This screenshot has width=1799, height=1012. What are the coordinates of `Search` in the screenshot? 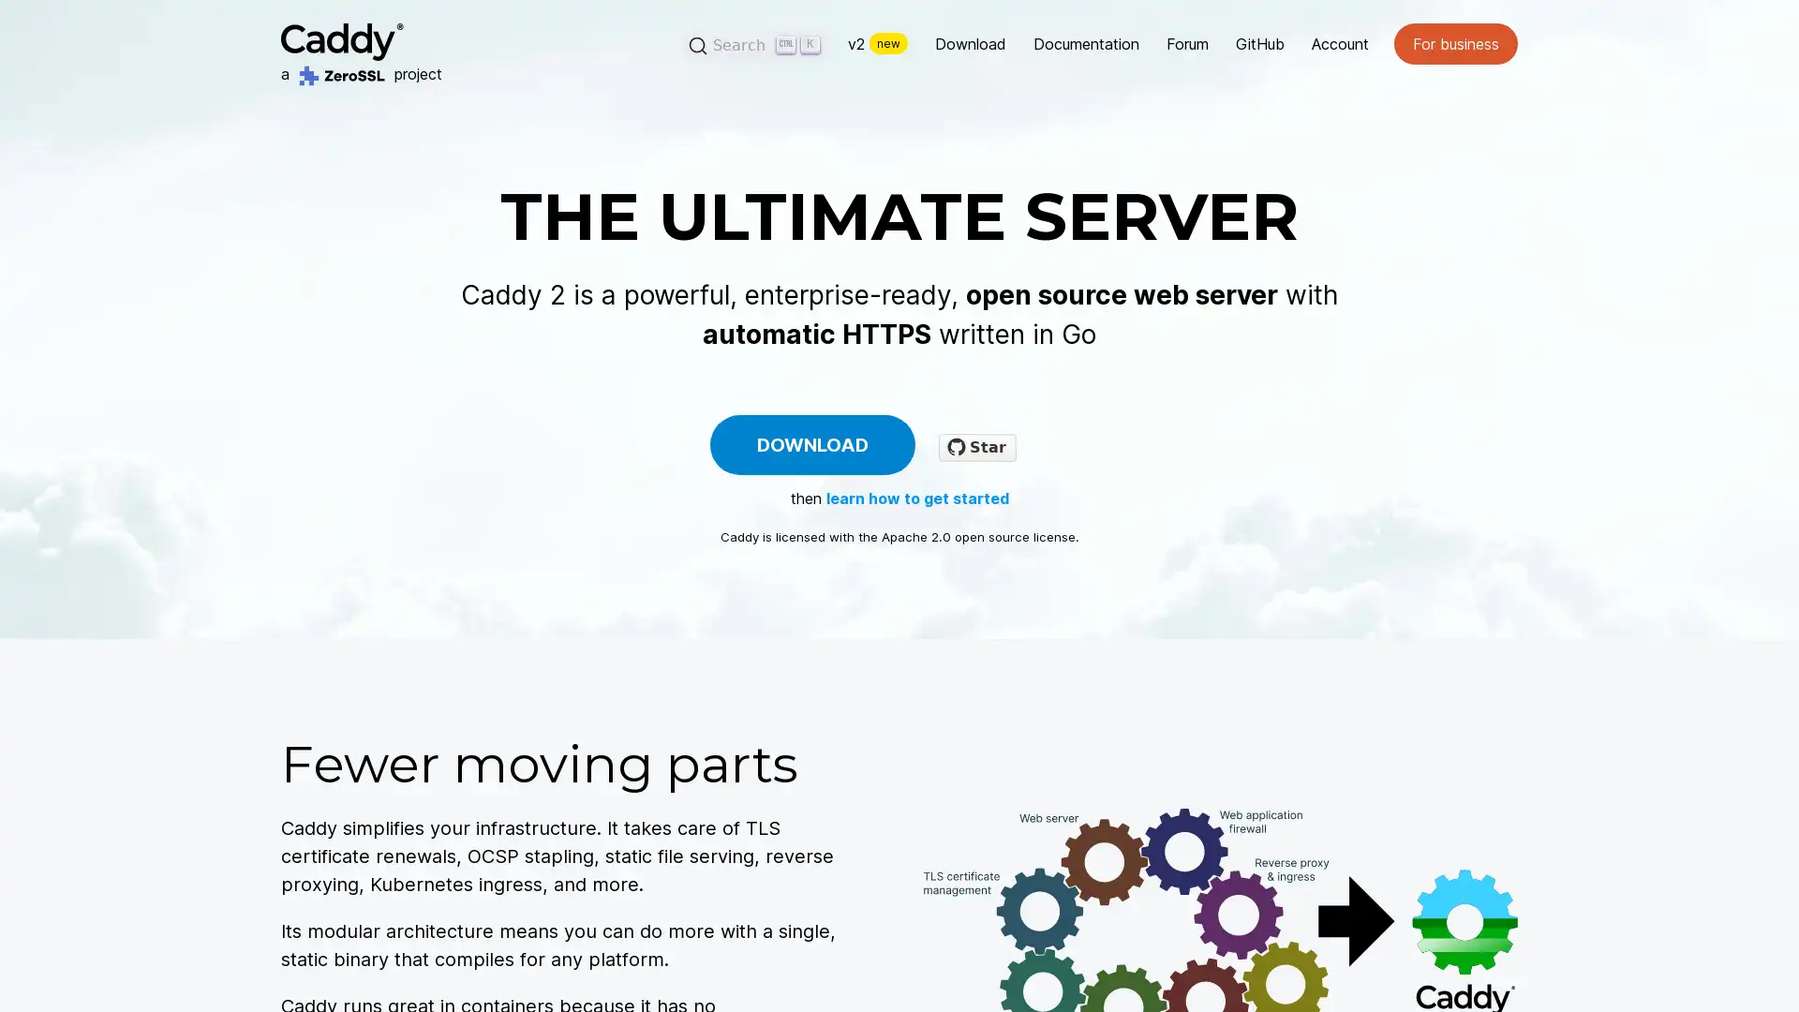 It's located at (756, 43).